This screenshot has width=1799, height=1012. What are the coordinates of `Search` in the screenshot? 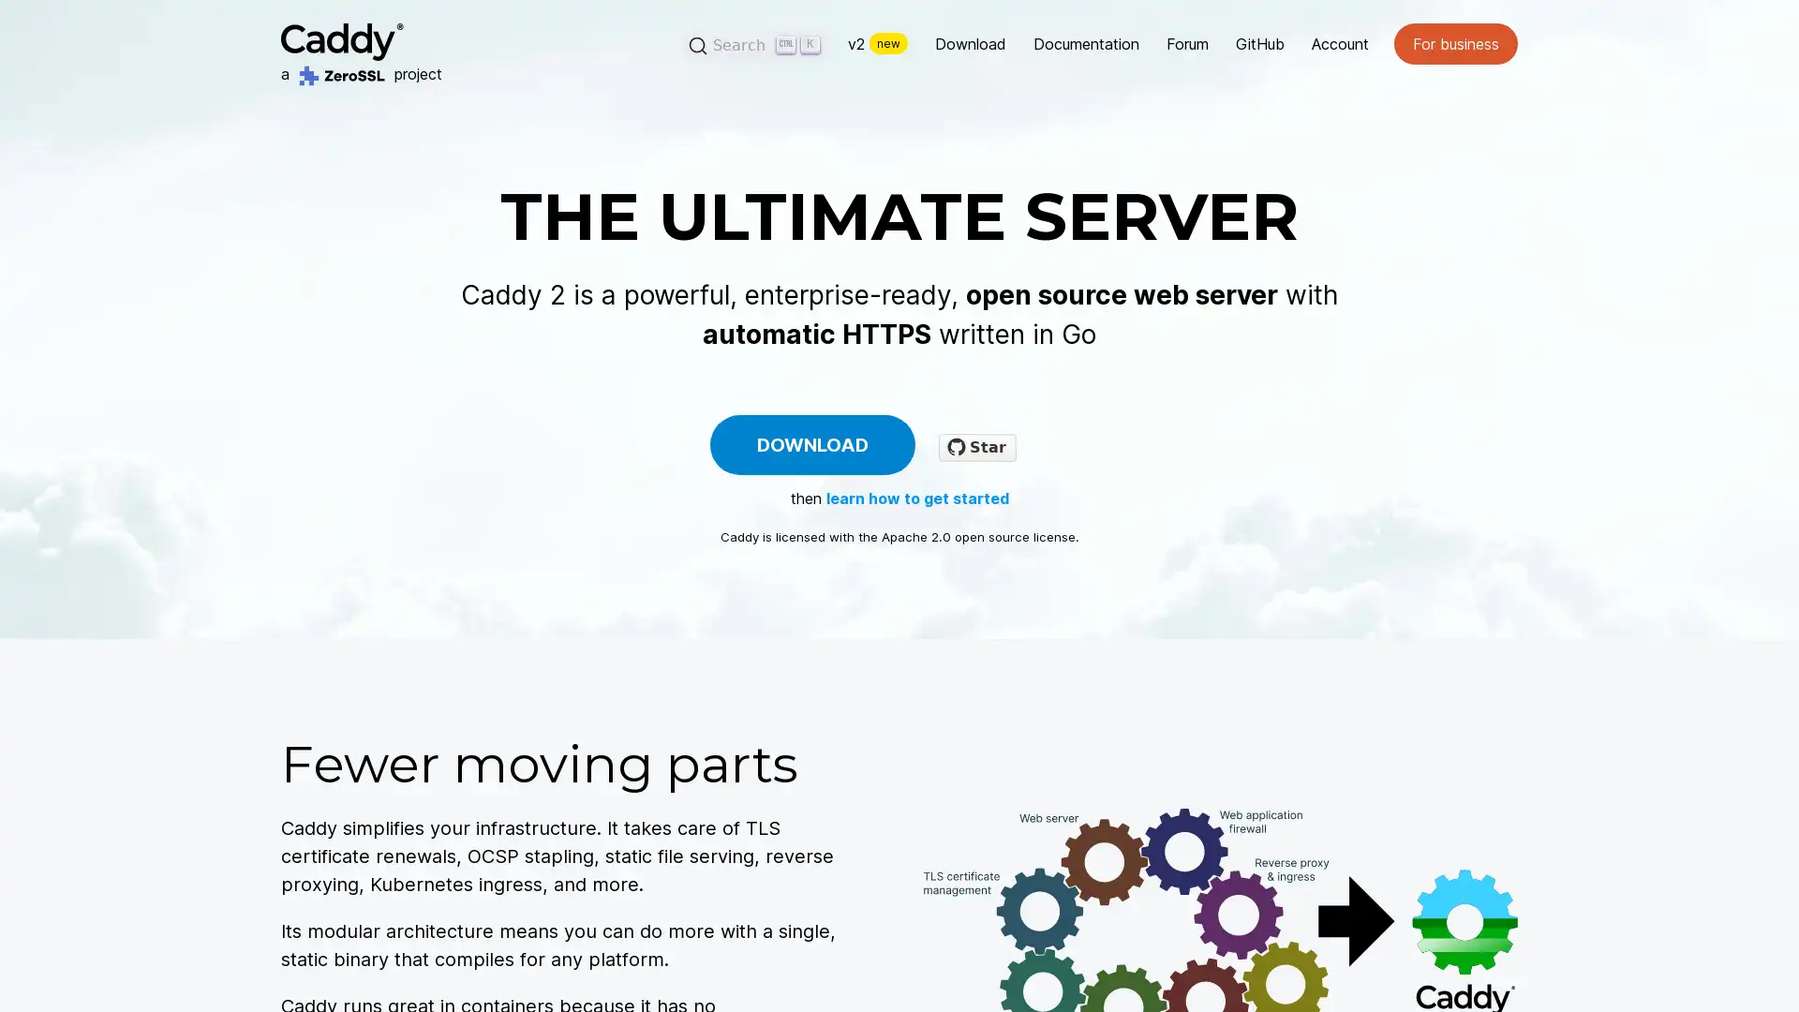 It's located at (756, 43).